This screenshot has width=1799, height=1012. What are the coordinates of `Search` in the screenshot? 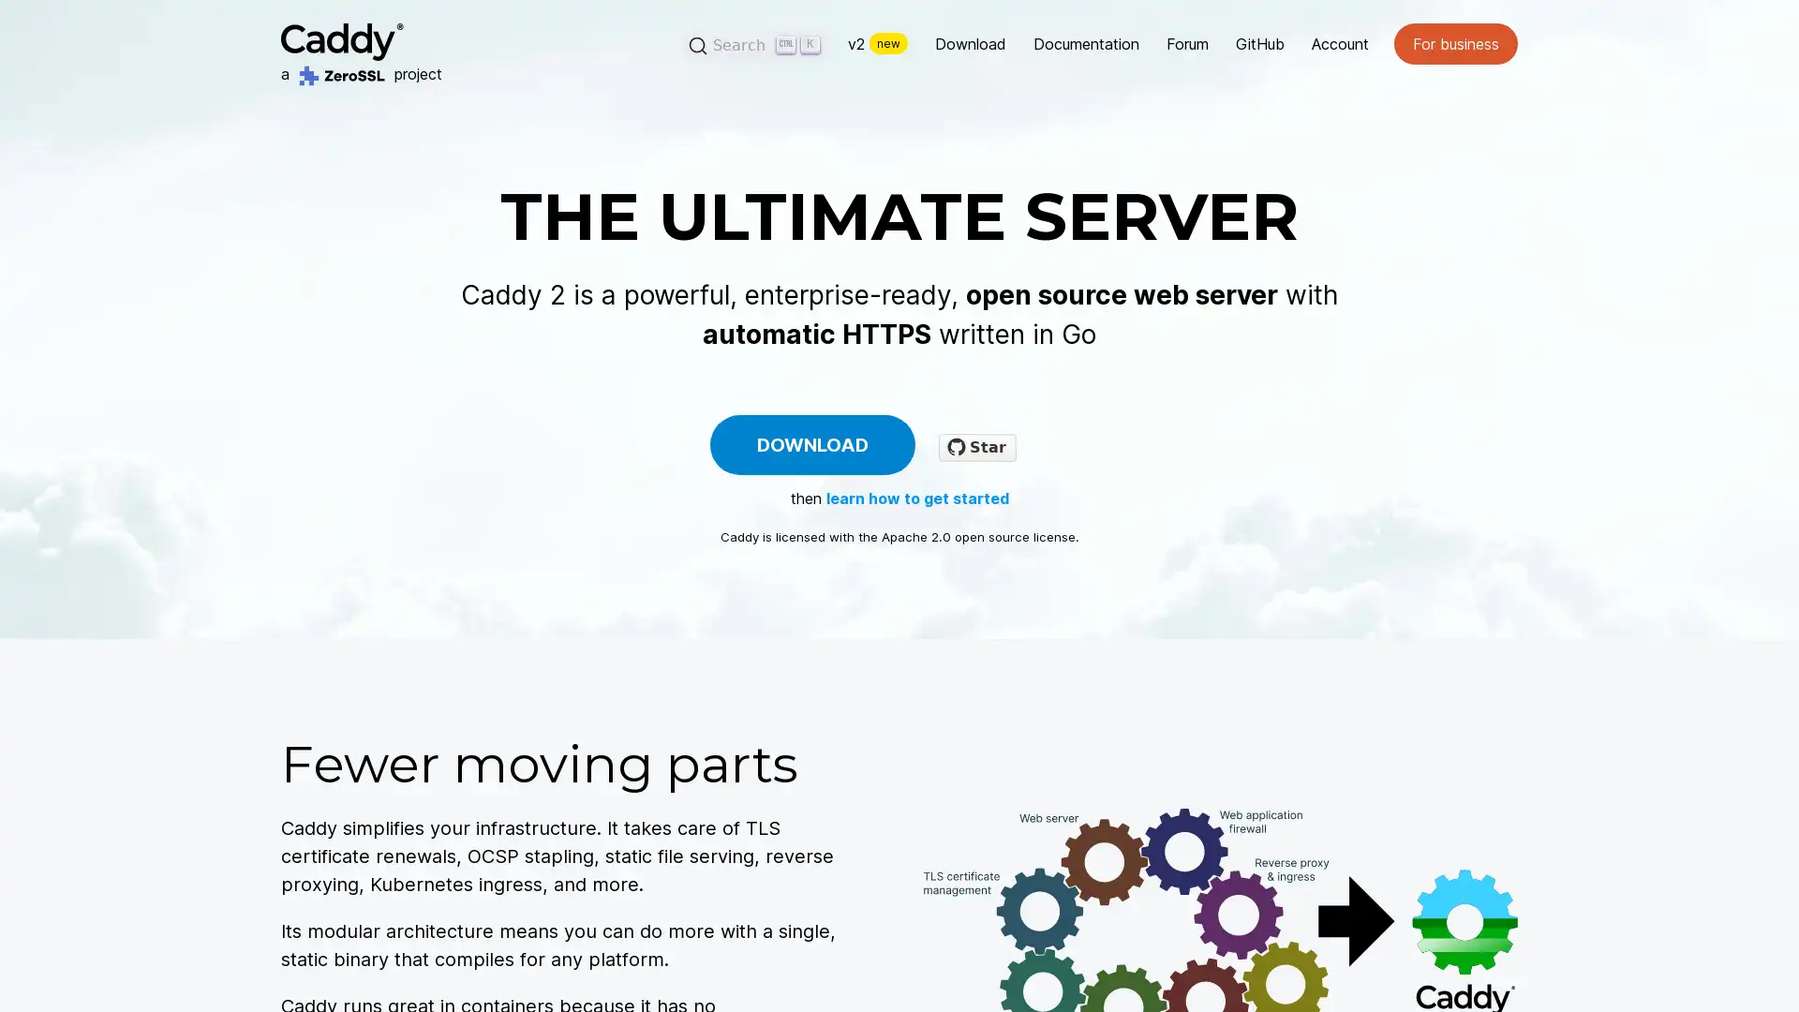 It's located at (756, 43).